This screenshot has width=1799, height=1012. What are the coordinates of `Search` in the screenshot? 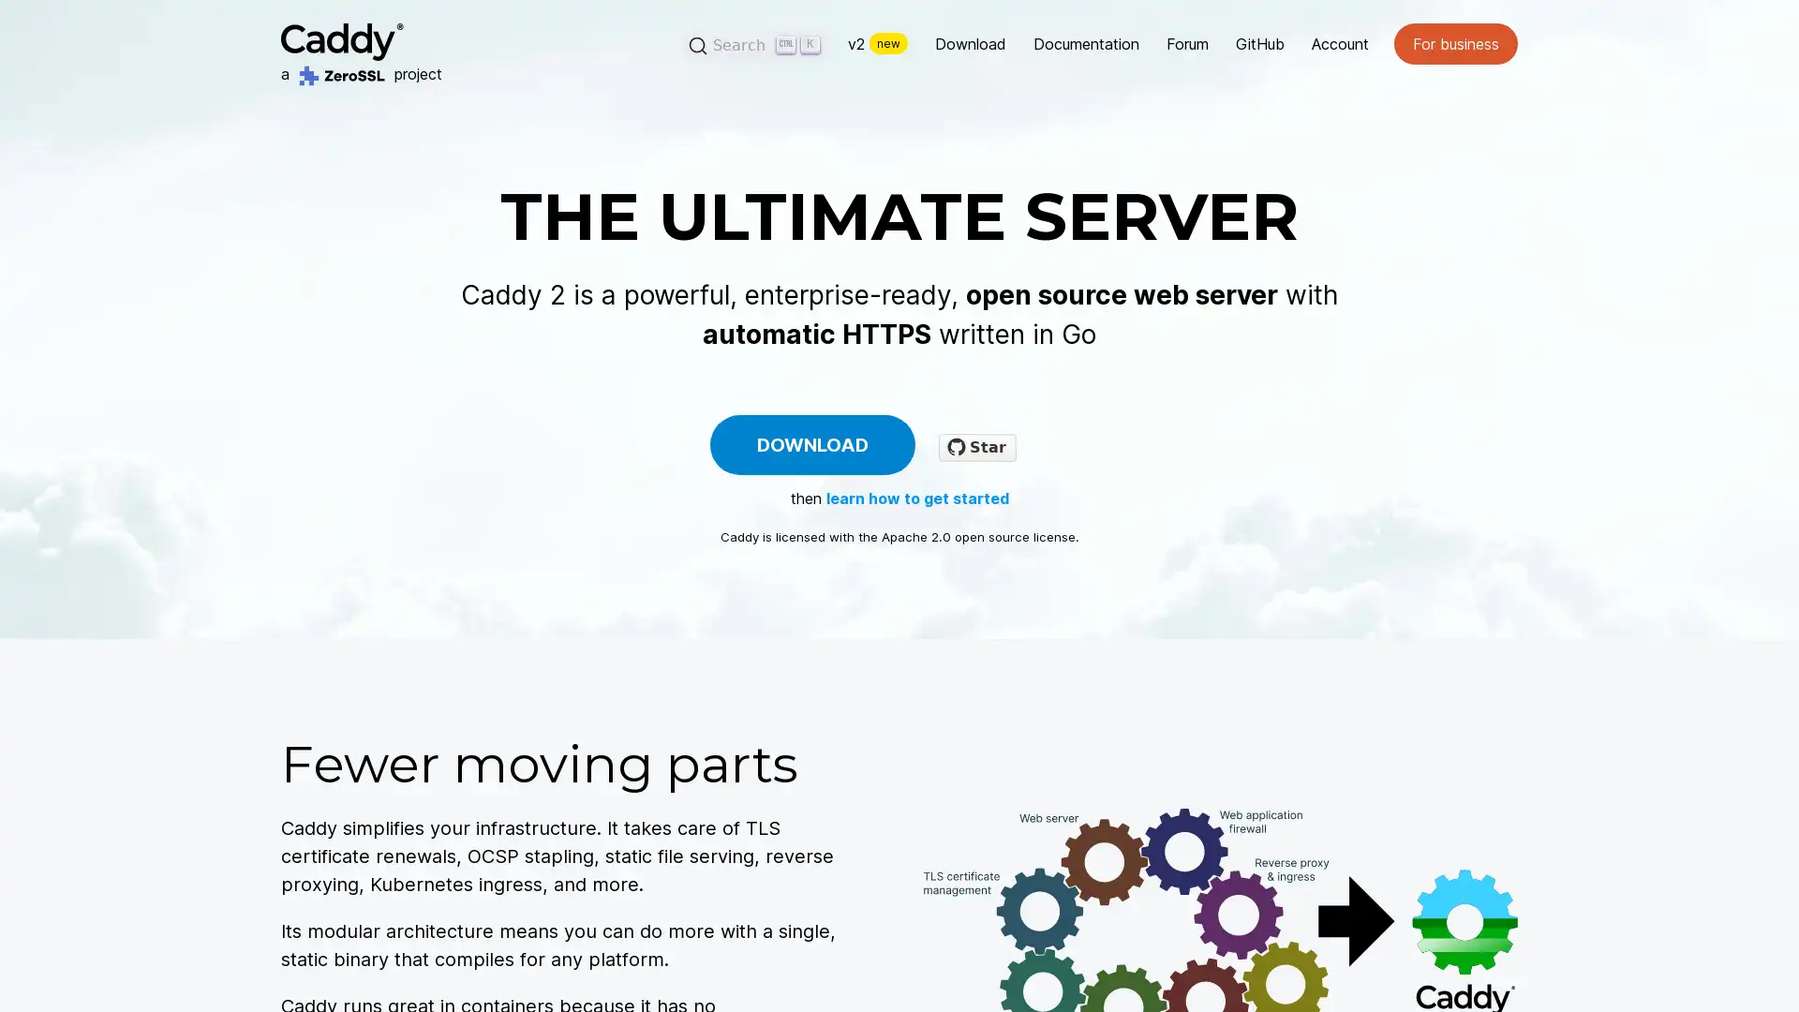 It's located at (756, 43).